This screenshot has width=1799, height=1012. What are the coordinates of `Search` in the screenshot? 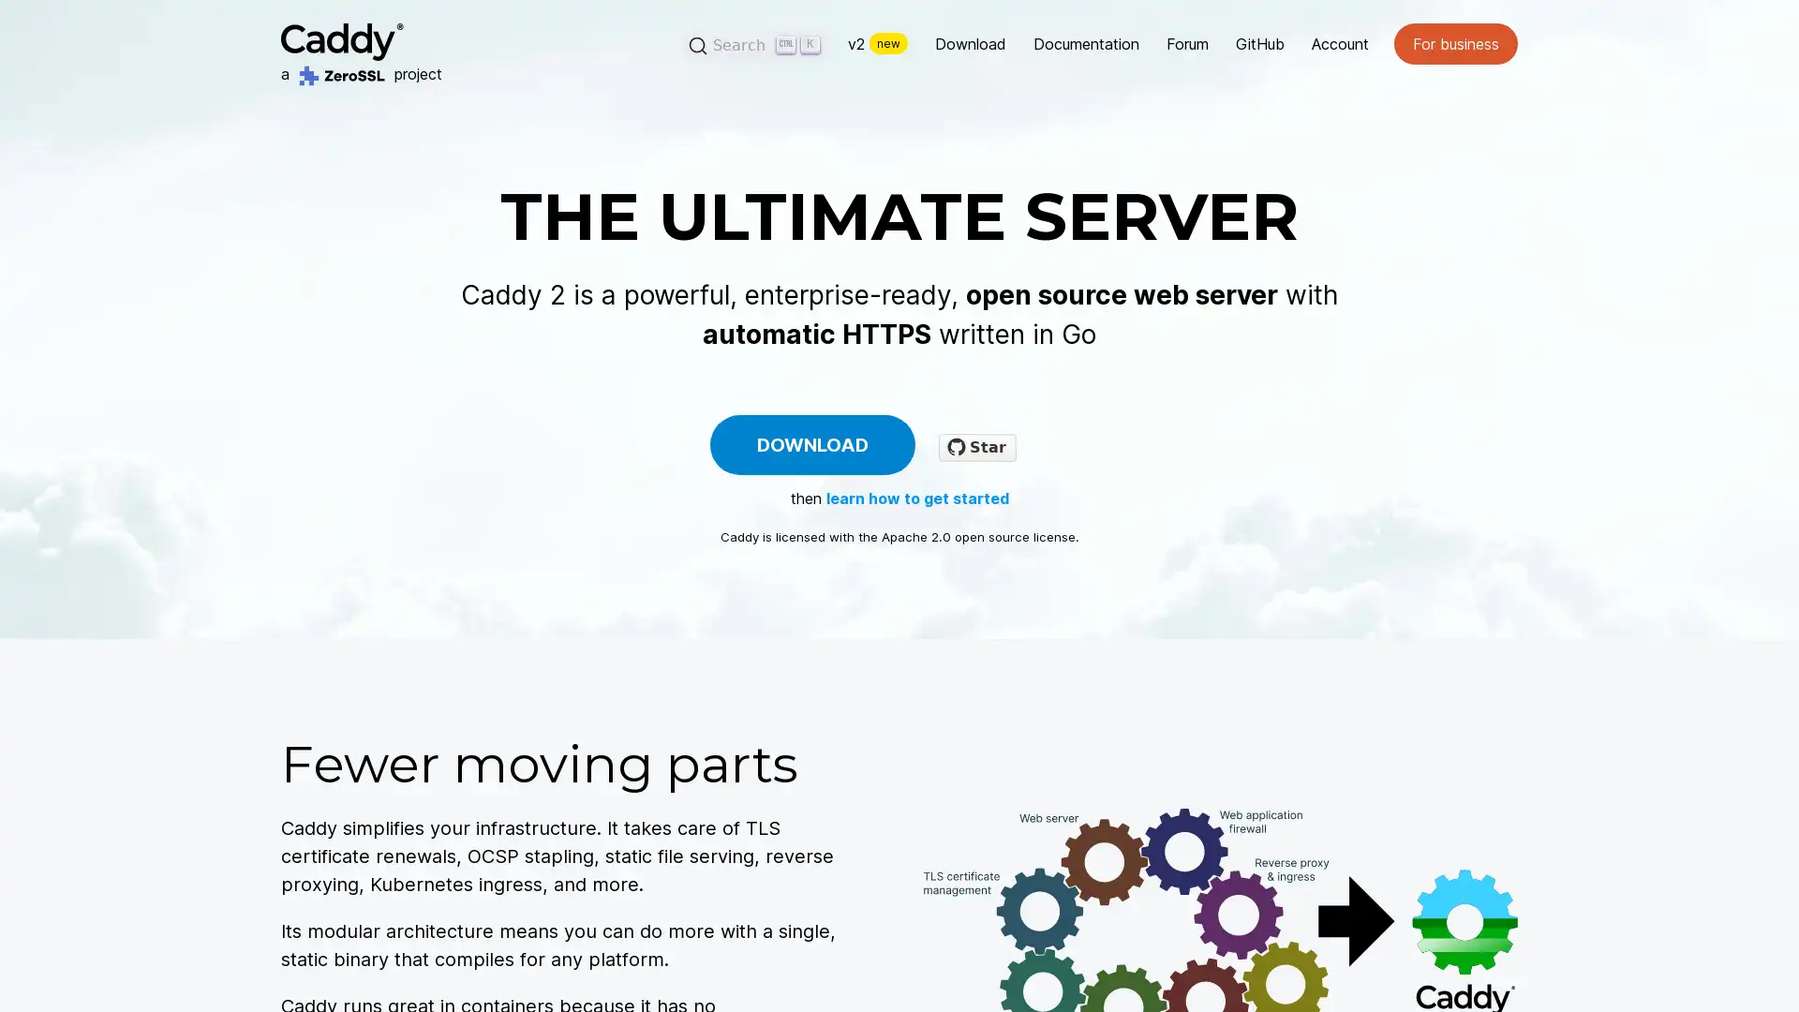 It's located at (756, 43).